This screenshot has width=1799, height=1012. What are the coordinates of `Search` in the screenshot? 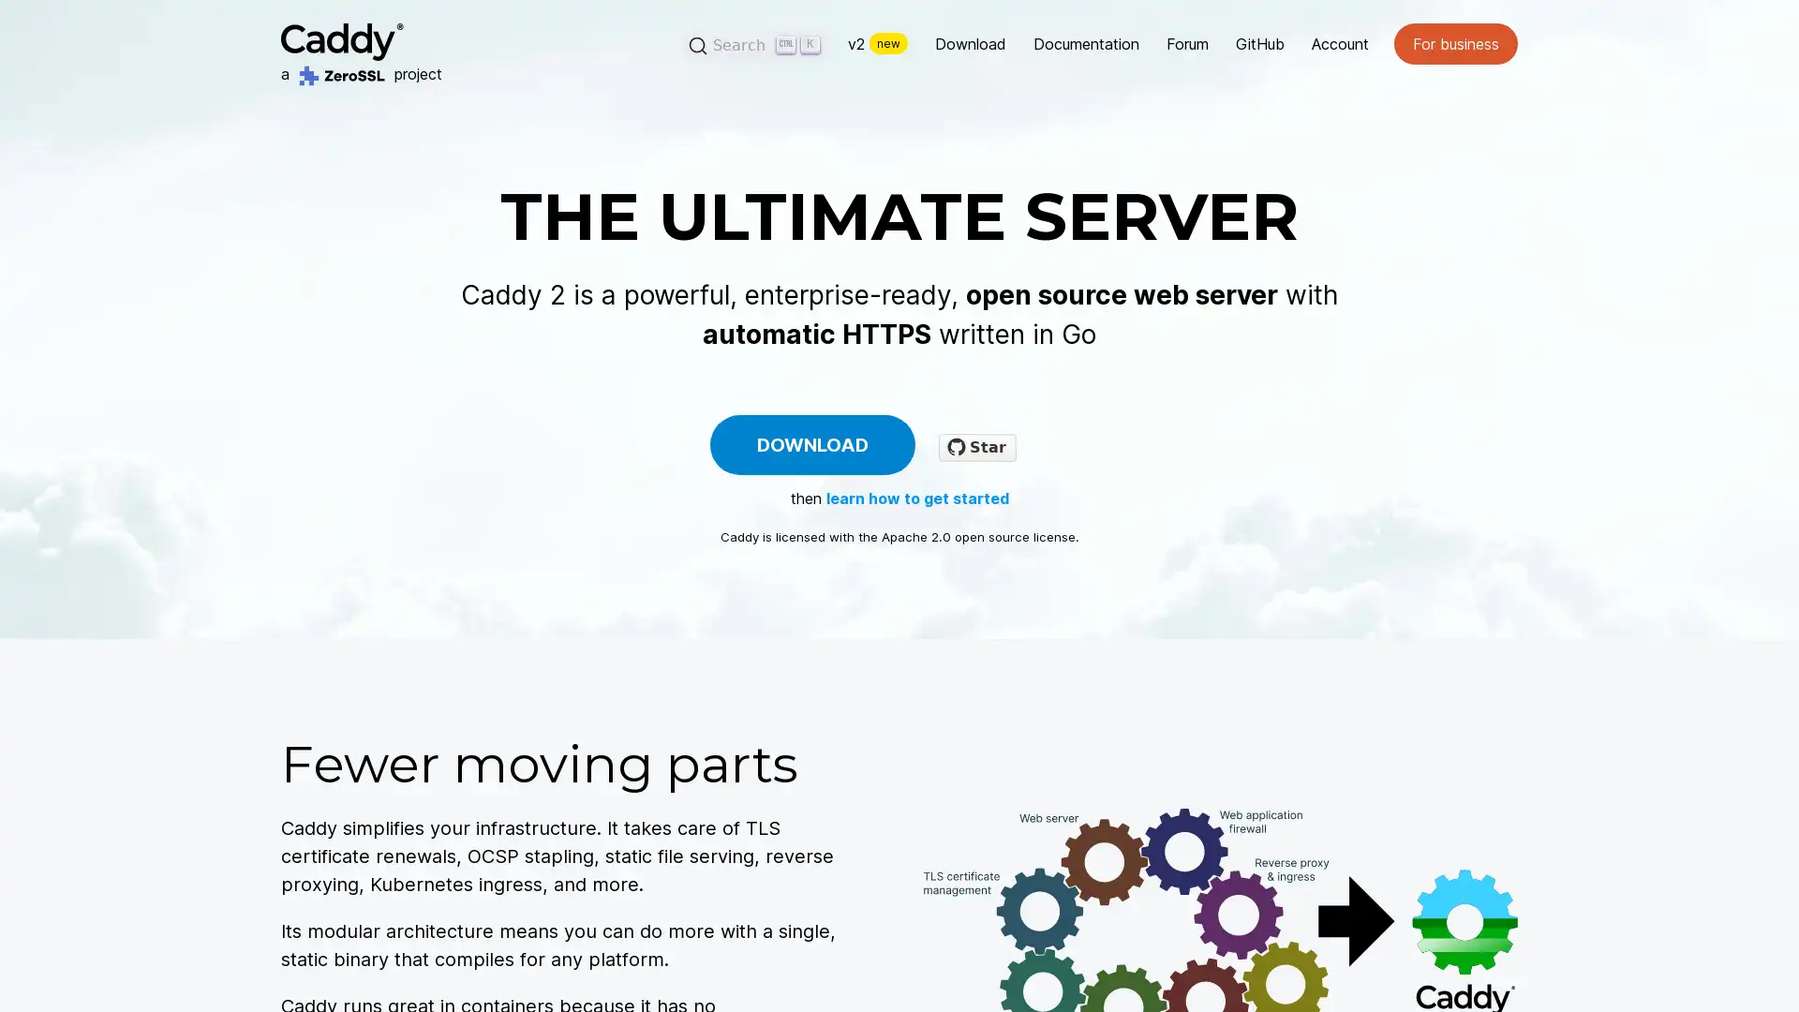 It's located at (756, 43).